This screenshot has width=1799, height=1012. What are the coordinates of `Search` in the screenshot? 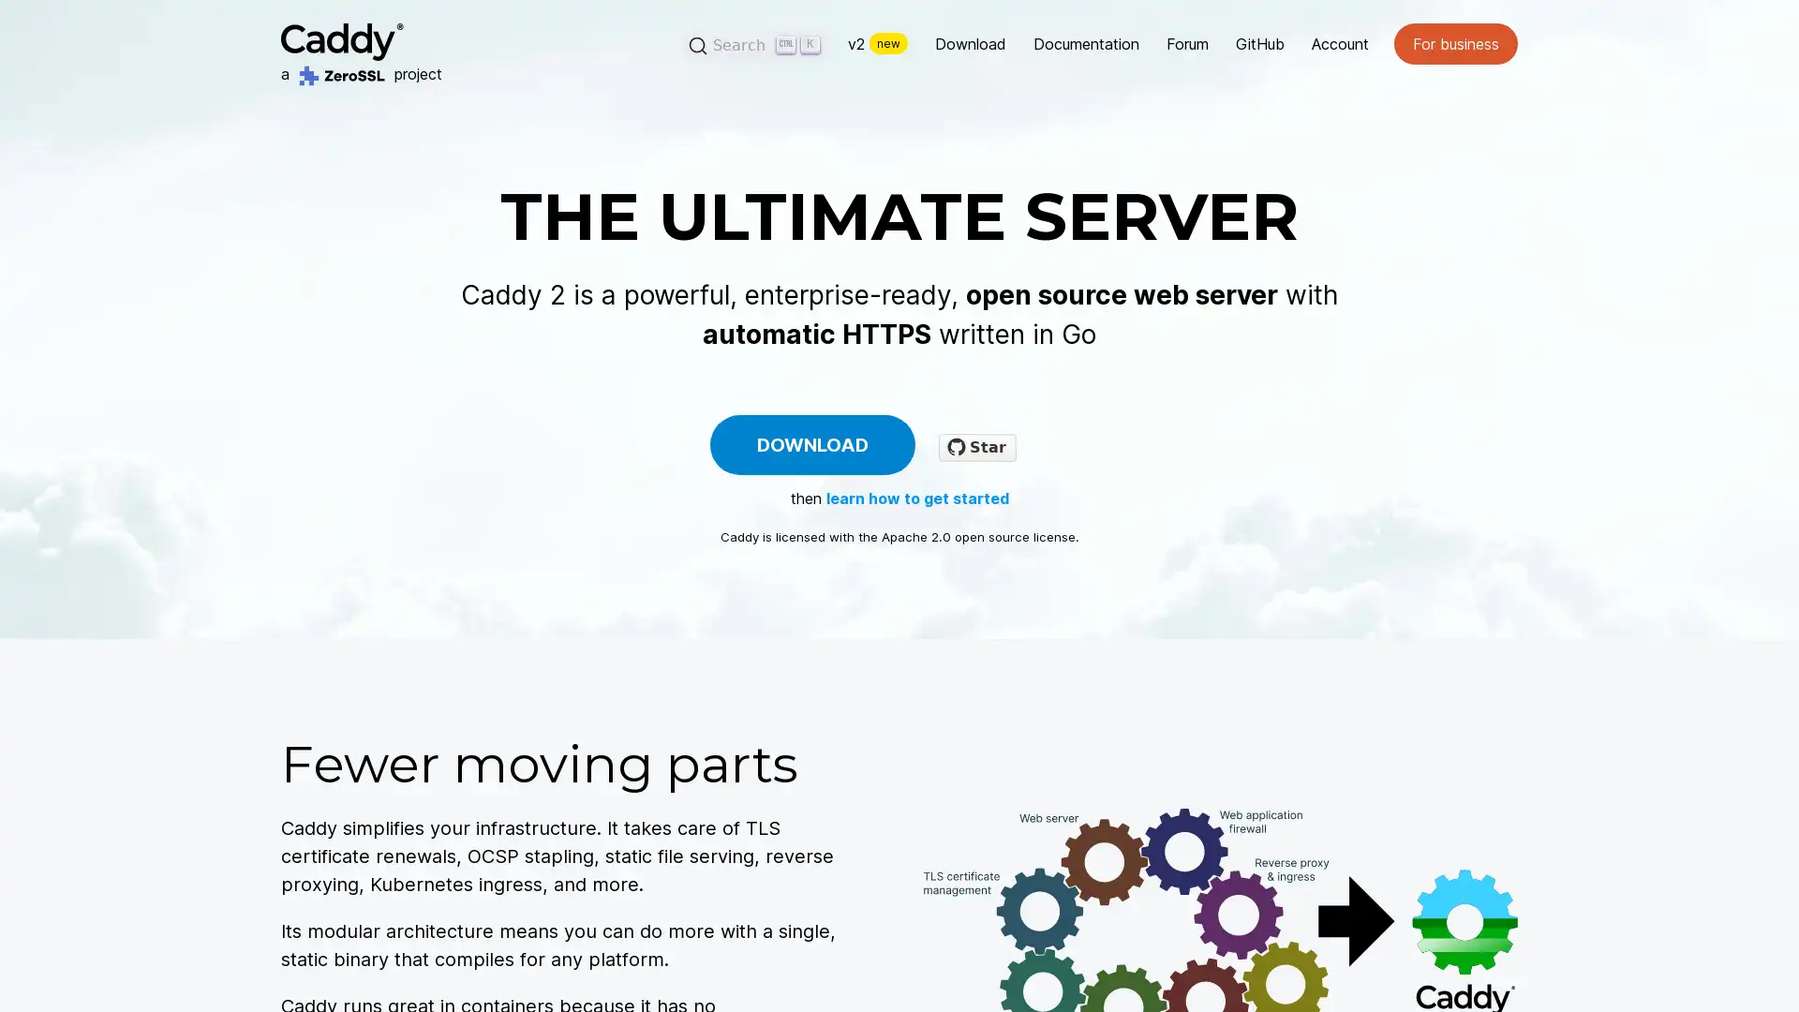 It's located at (756, 43).